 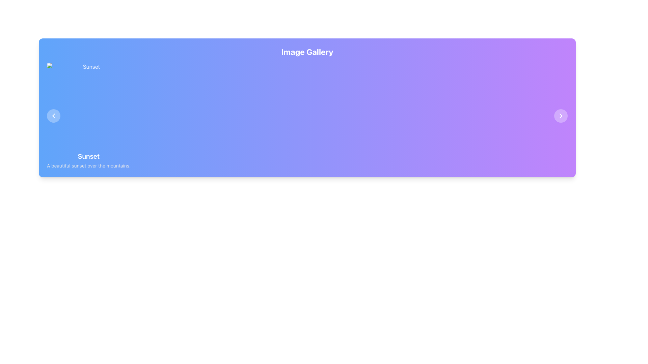 I want to click on the Arrow Icon located at the far-right side of the navigation panel to move to the next item in the gallery, so click(x=561, y=115).